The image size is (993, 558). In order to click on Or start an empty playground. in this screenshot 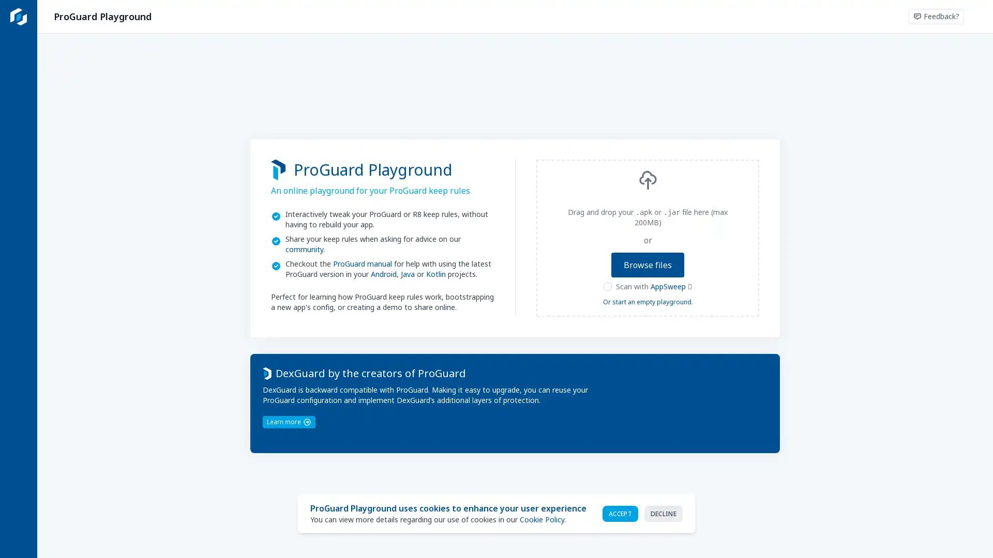, I will do `click(647, 301)`.